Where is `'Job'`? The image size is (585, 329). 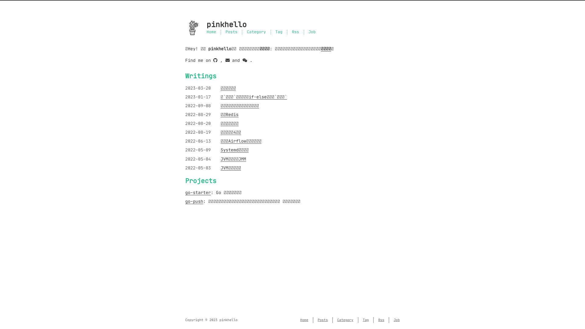
'Job' is located at coordinates (312, 32).